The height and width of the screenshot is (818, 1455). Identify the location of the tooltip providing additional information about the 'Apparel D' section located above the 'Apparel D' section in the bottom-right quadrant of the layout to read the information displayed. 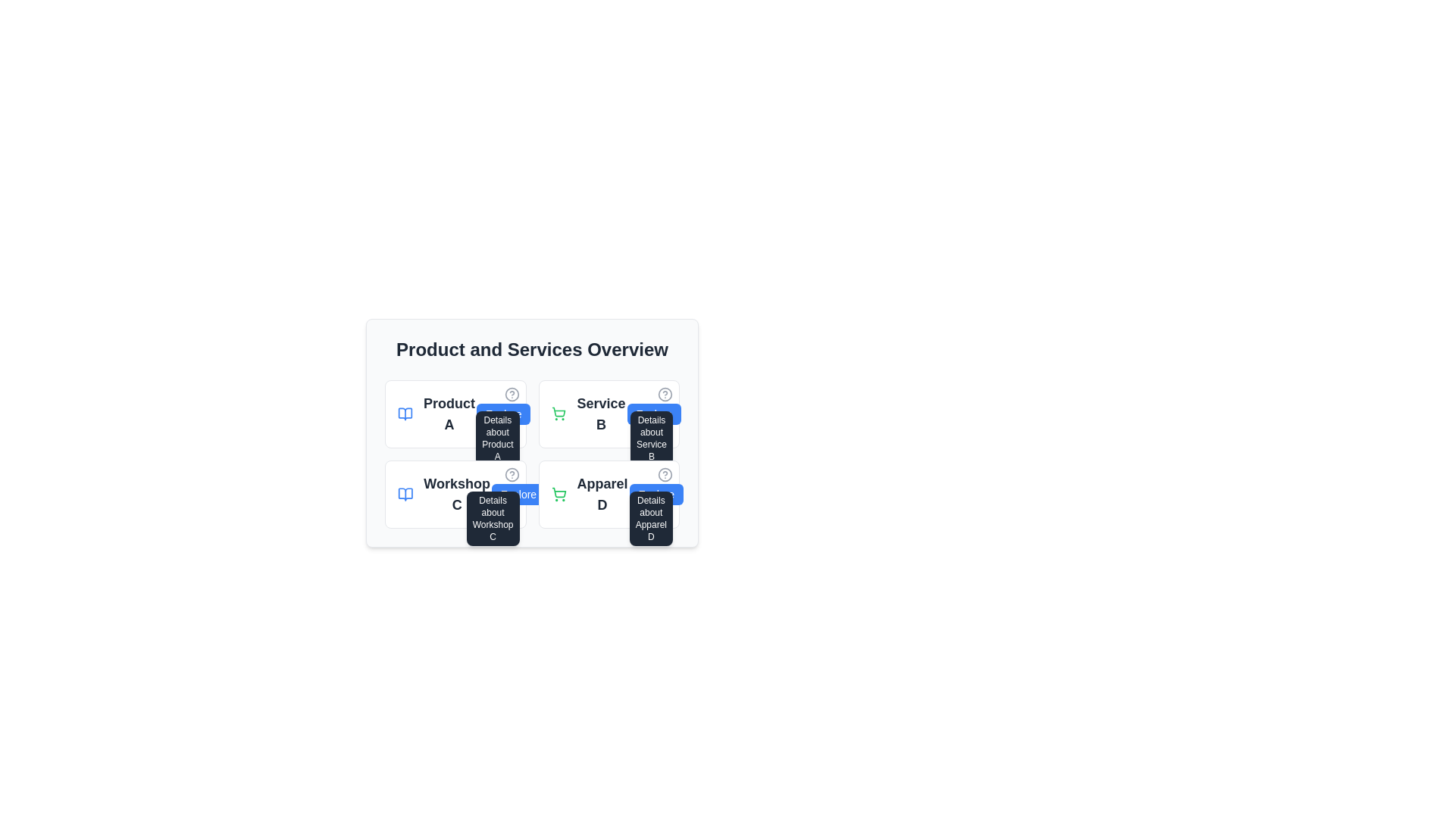
(651, 518).